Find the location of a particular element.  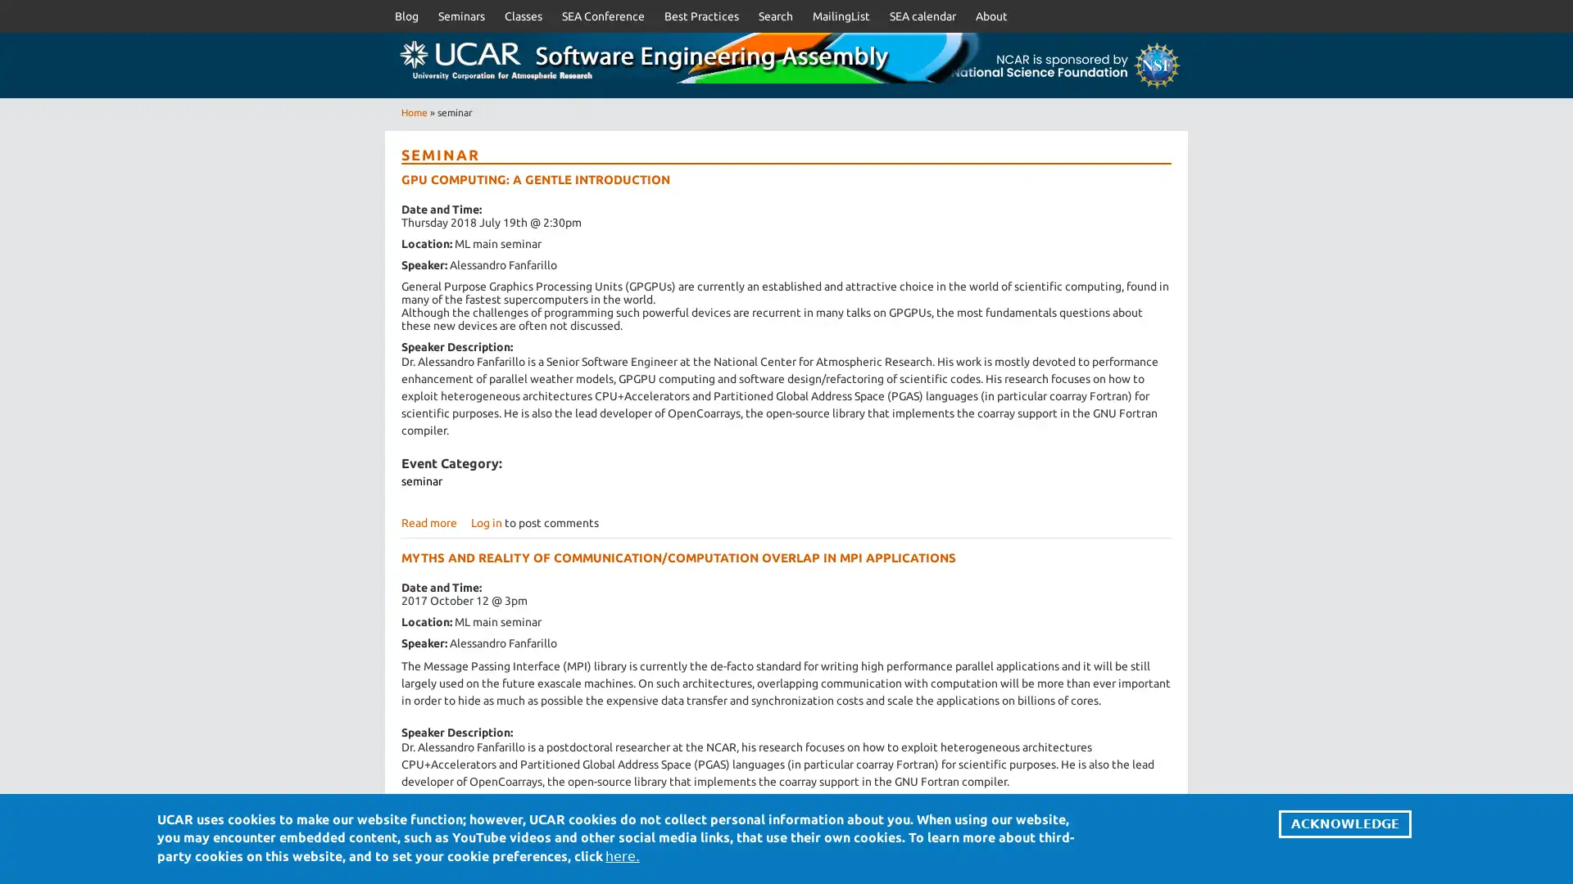

ACKNOWLEDGE is located at coordinates (1344, 823).